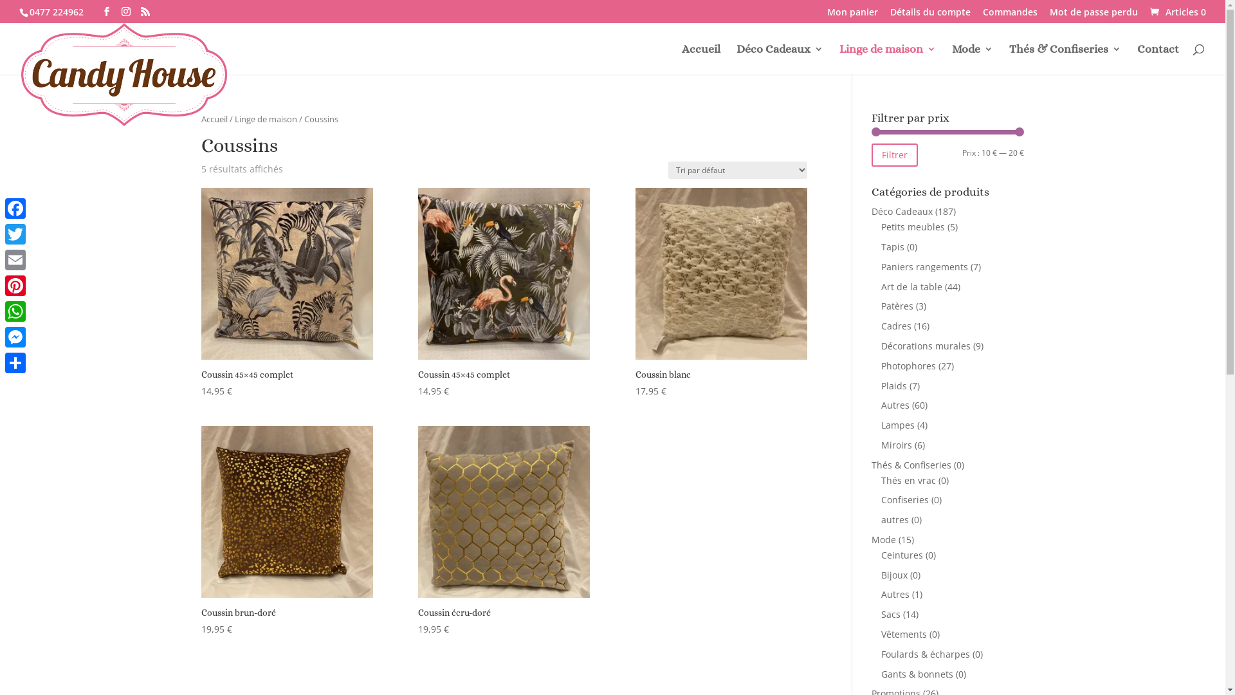 This screenshot has height=695, width=1235. Describe the element at coordinates (1093, 15) in the screenshot. I see `'Mot de passe perdu'` at that location.